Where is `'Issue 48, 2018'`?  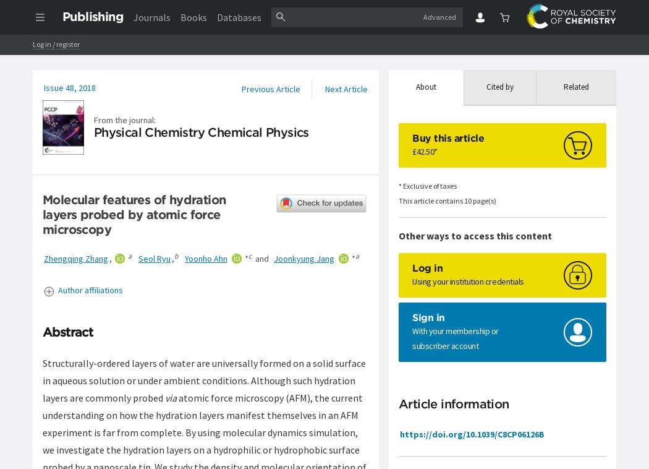 'Issue 48, 2018' is located at coordinates (69, 87).